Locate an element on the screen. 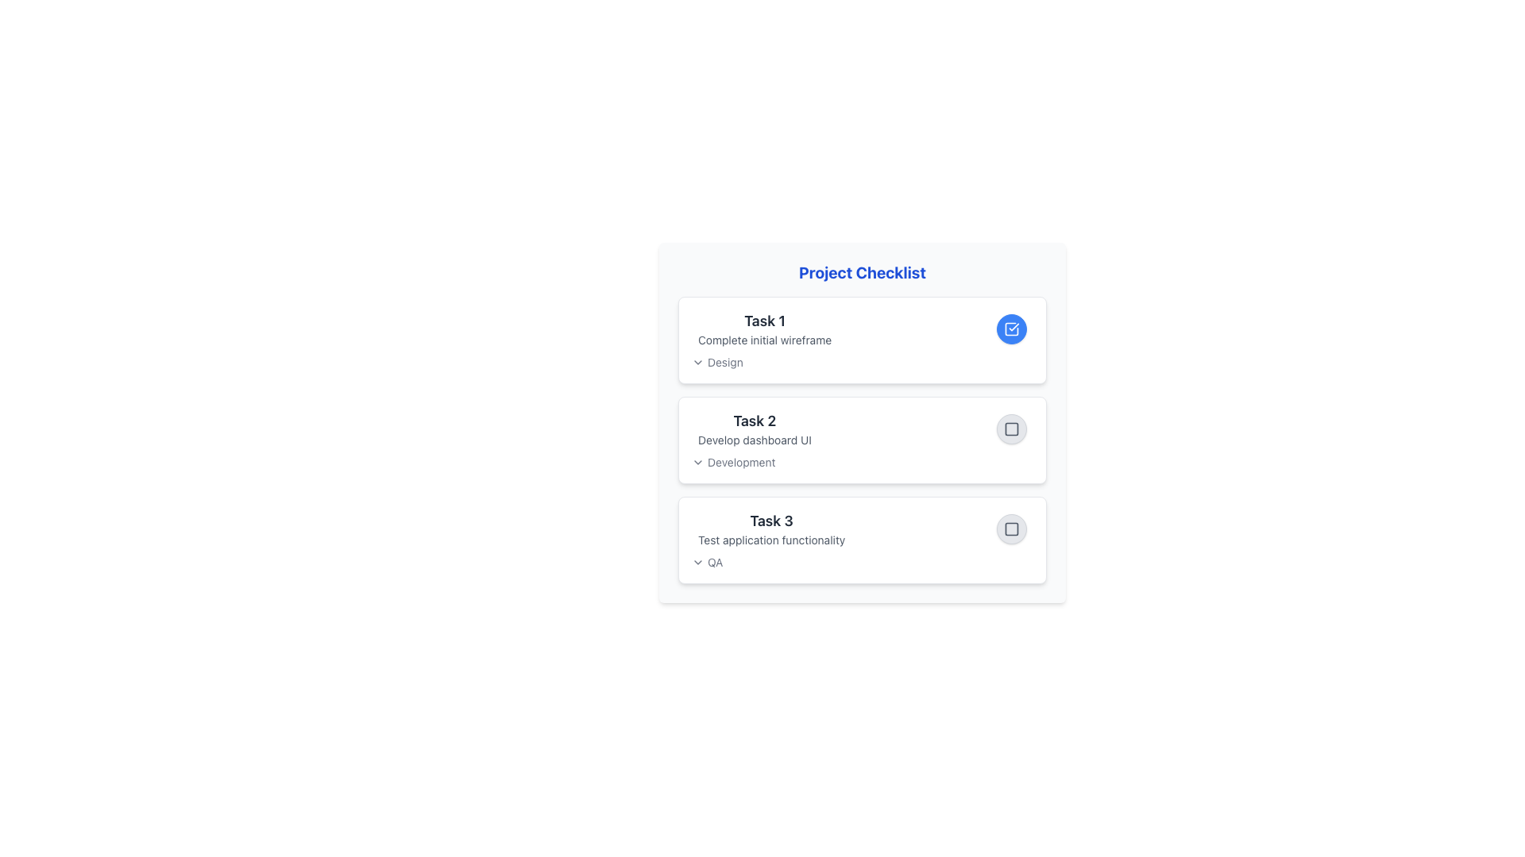 The width and height of the screenshot is (1525, 857). the List item with checkbox labeled 'Task 3' is located at coordinates (861, 529).